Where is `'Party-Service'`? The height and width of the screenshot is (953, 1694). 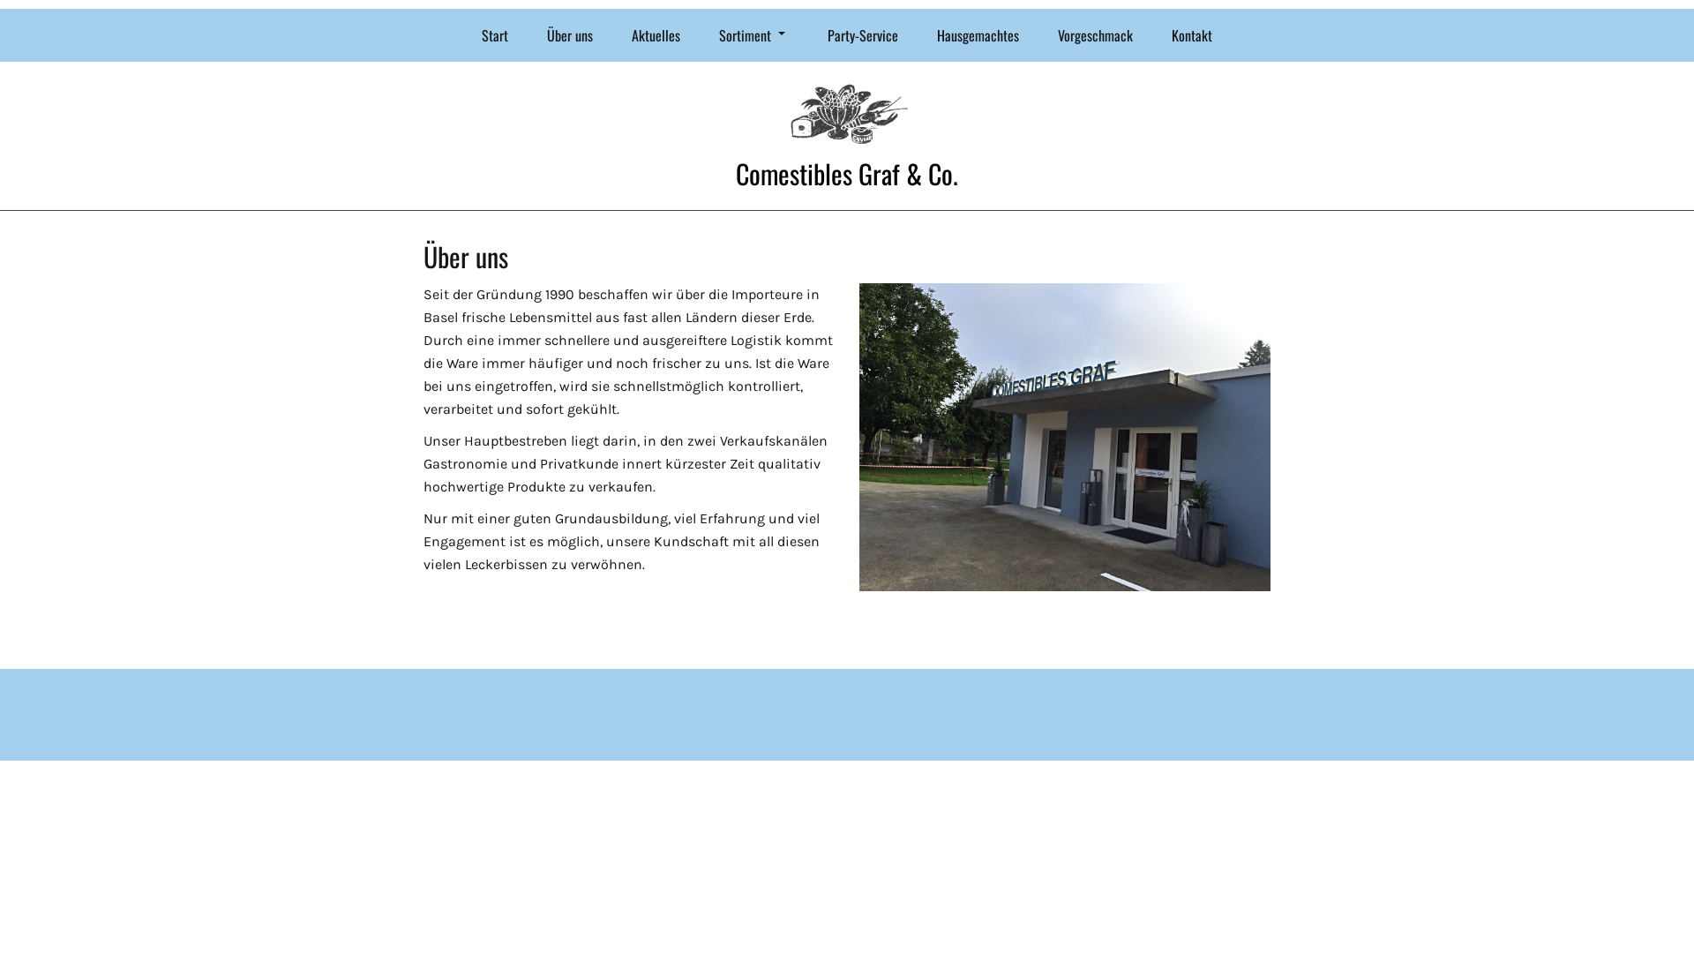 'Party-Service' is located at coordinates (863, 34).